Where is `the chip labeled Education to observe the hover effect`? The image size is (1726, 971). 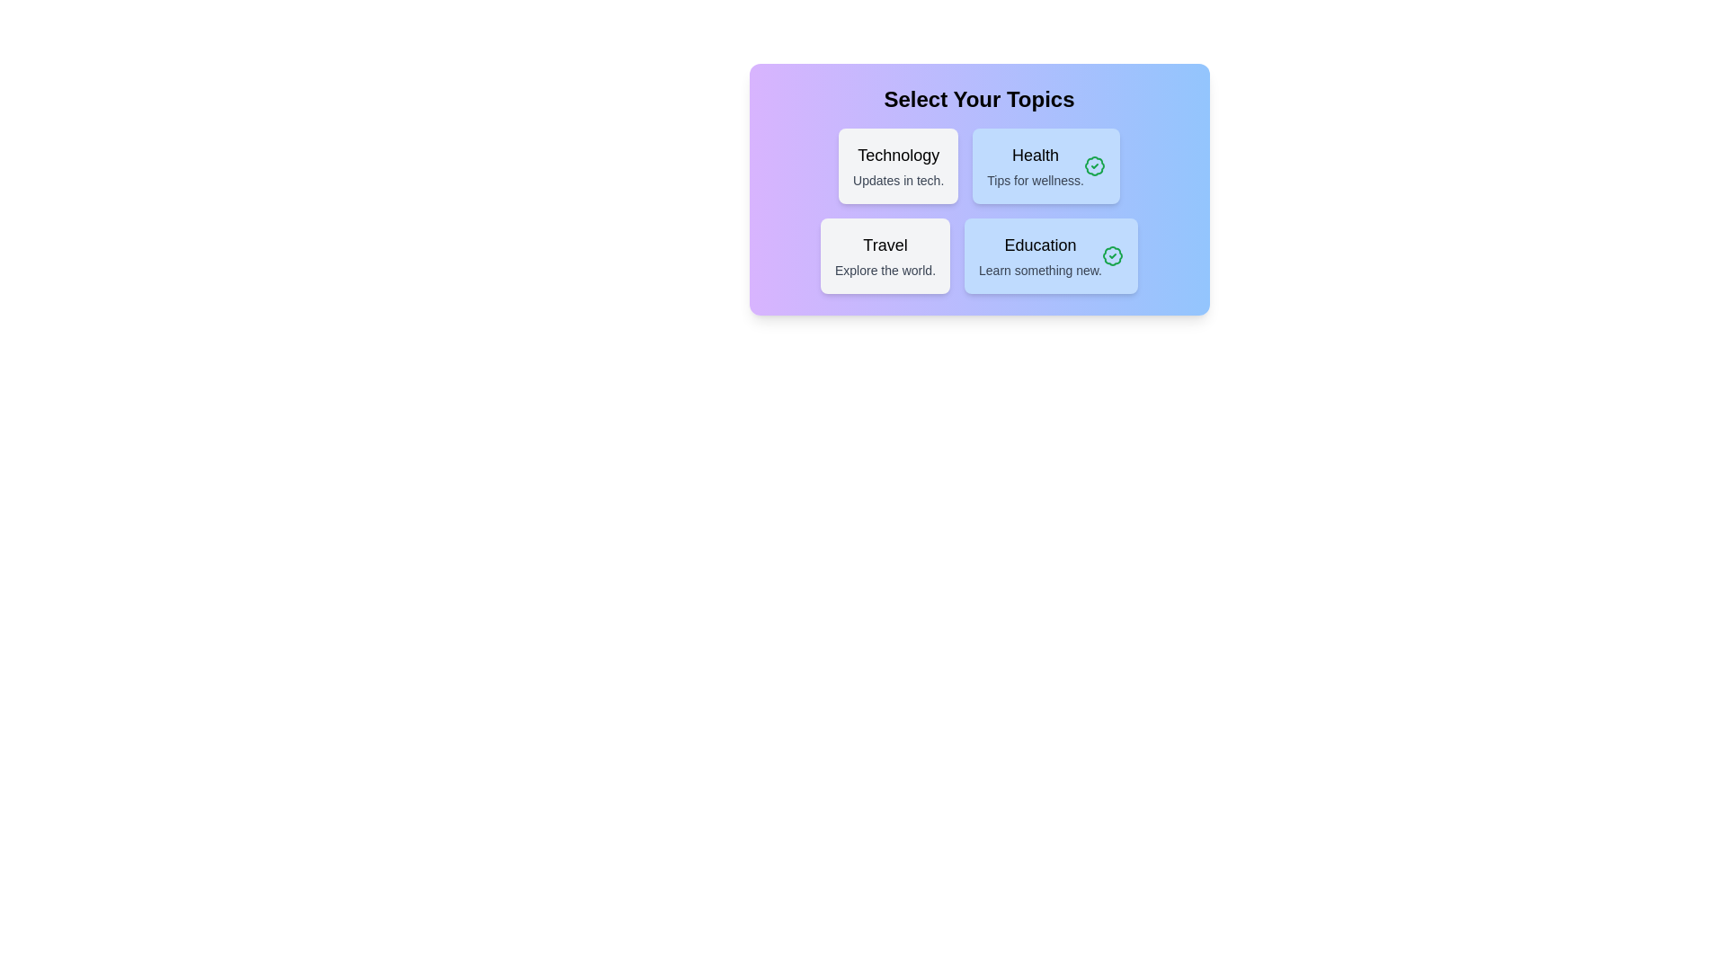 the chip labeled Education to observe the hover effect is located at coordinates (1051, 256).